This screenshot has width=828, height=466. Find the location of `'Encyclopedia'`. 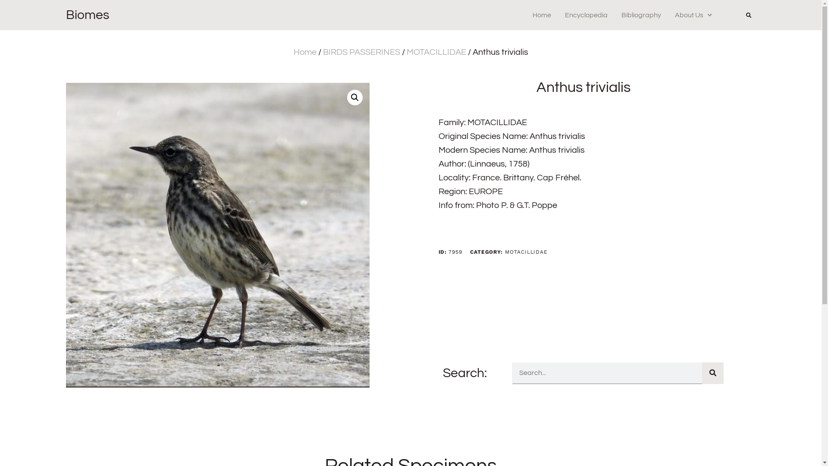

'Encyclopedia' is located at coordinates (586, 15).